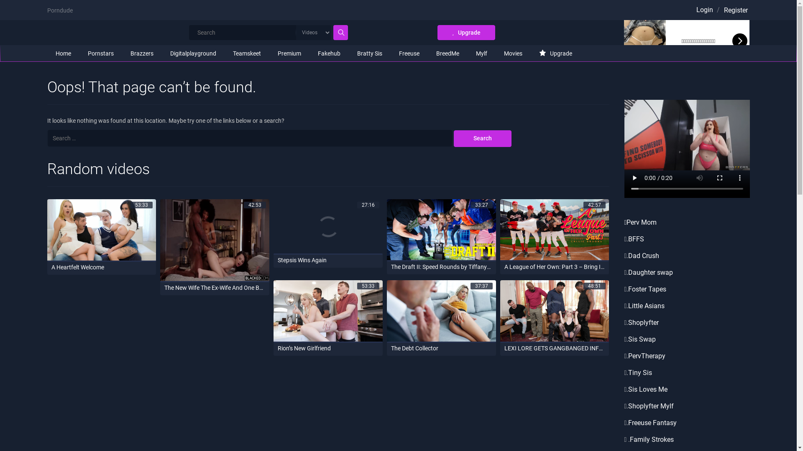  What do you see at coordinates (327, 227) in the screenshot?
I see `'27:16'` at bounding box center [327, 227].